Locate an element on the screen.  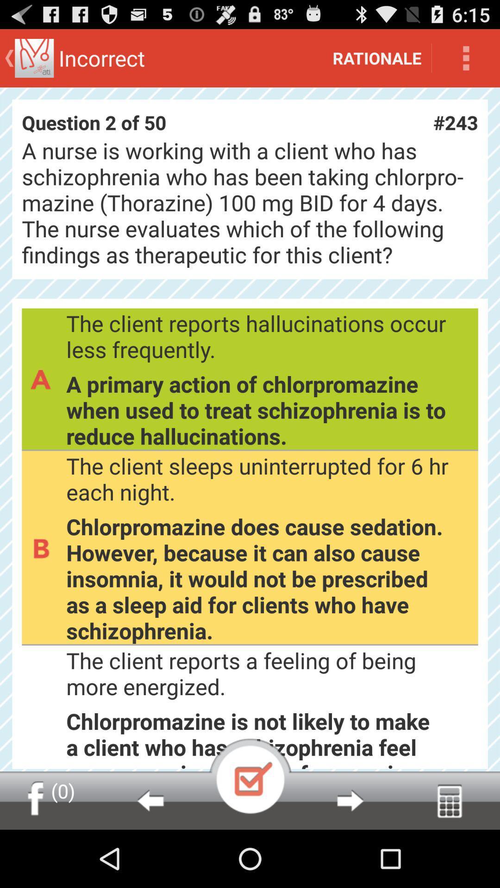
next is located at coordinates (350, 800).